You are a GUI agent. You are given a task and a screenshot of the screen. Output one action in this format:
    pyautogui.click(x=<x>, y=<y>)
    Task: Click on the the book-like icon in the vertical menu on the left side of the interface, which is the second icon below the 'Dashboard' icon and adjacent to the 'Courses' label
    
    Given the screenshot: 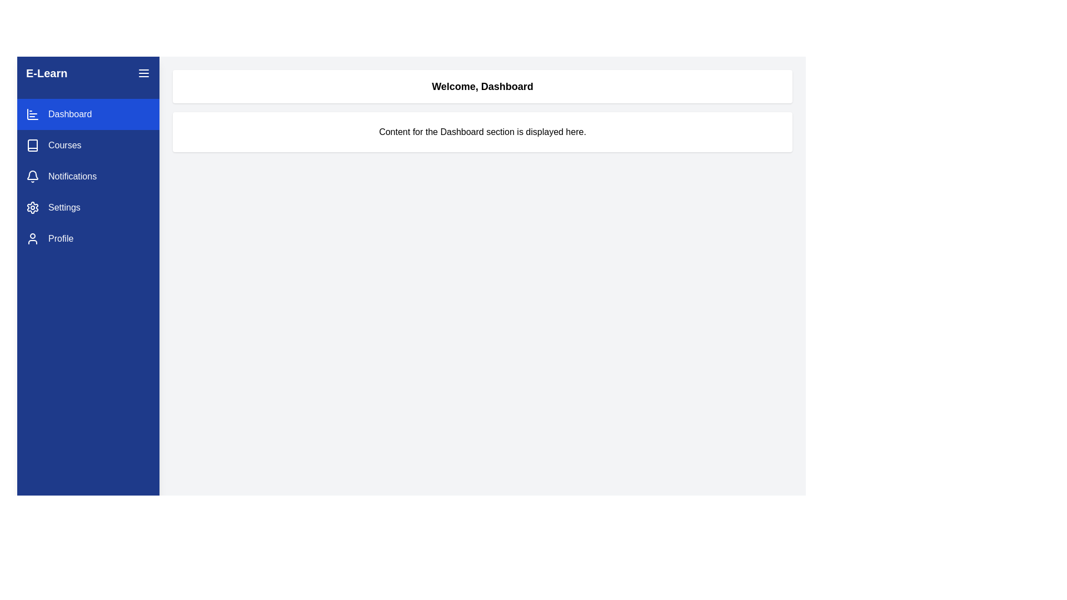 What is the action you would take?
    pyautogui.click(x=32, y=145)
    